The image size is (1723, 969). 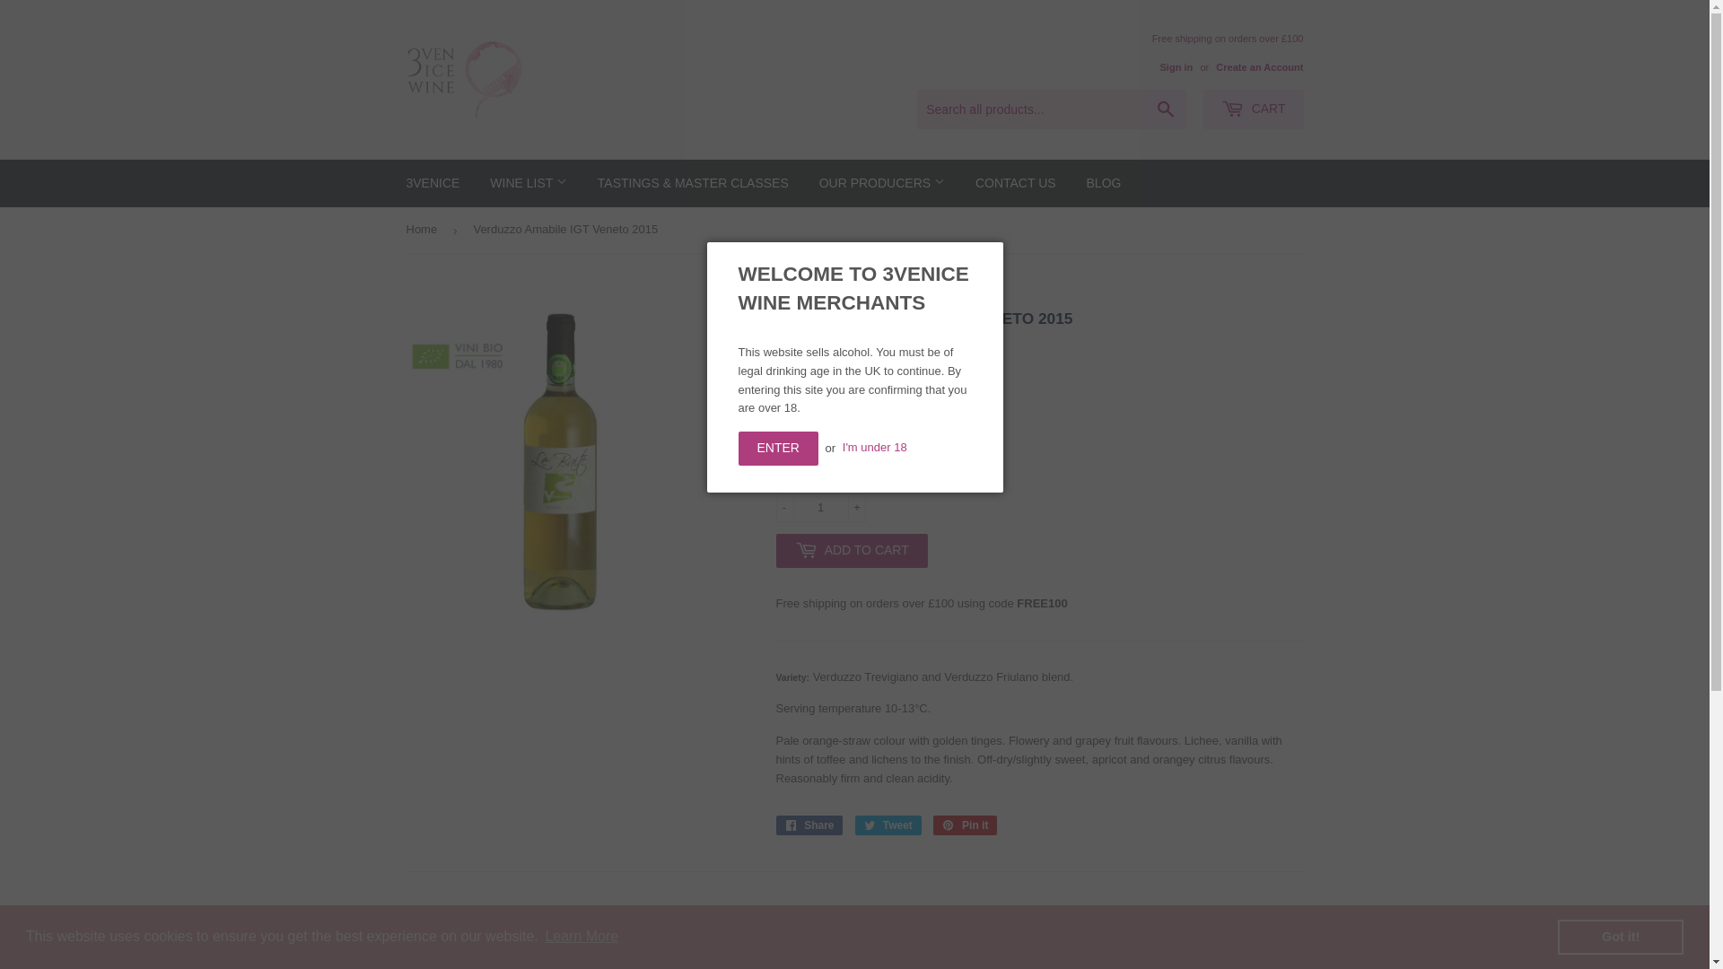 I want to click on '3VENICE', so click(x=391, y=183).